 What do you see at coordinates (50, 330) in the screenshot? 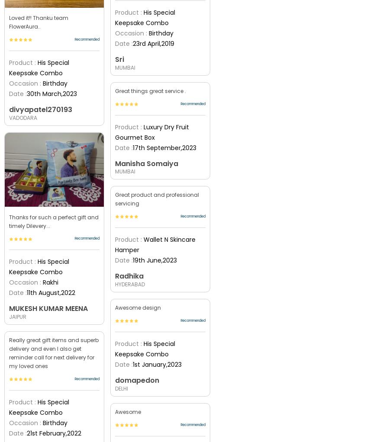
I see `'Atta Ladoo With Lord Ganesha Idol'` at bounding box center [50, 330].